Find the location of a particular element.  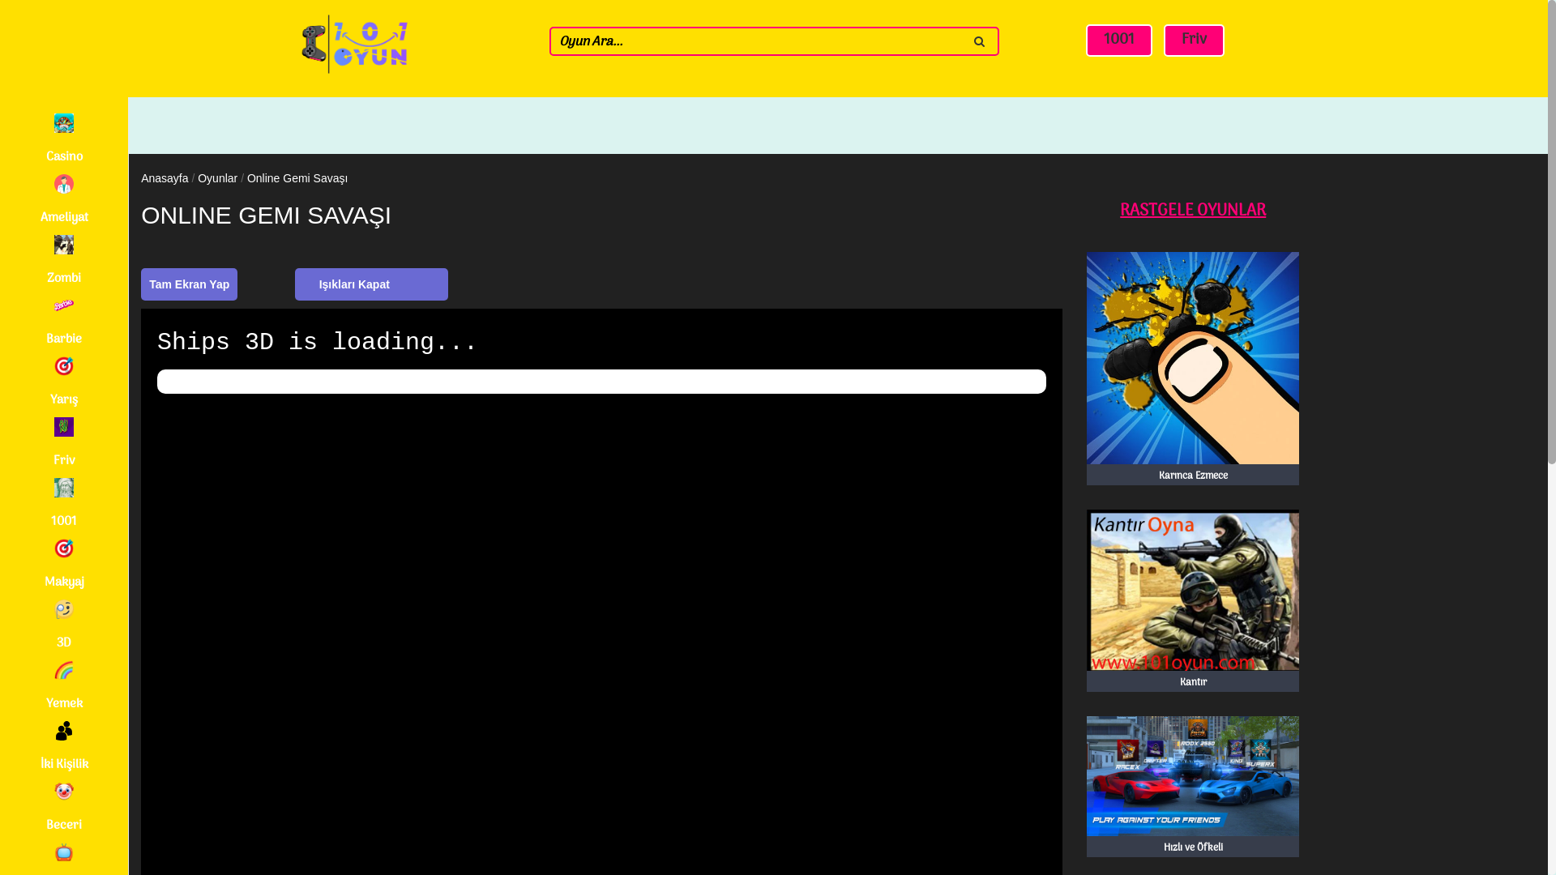

'Barbie' is located at coordinates (63, 322).